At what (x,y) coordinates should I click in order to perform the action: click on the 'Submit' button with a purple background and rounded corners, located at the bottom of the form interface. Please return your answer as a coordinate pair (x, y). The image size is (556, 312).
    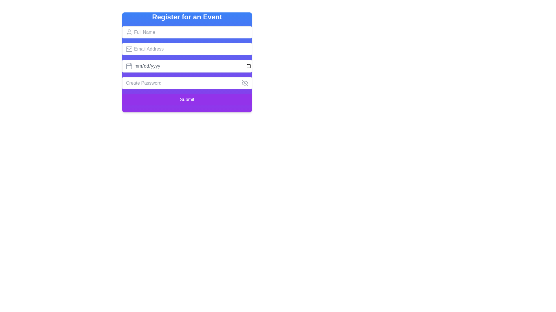
    Looking at the image, I should click on (187, 99).